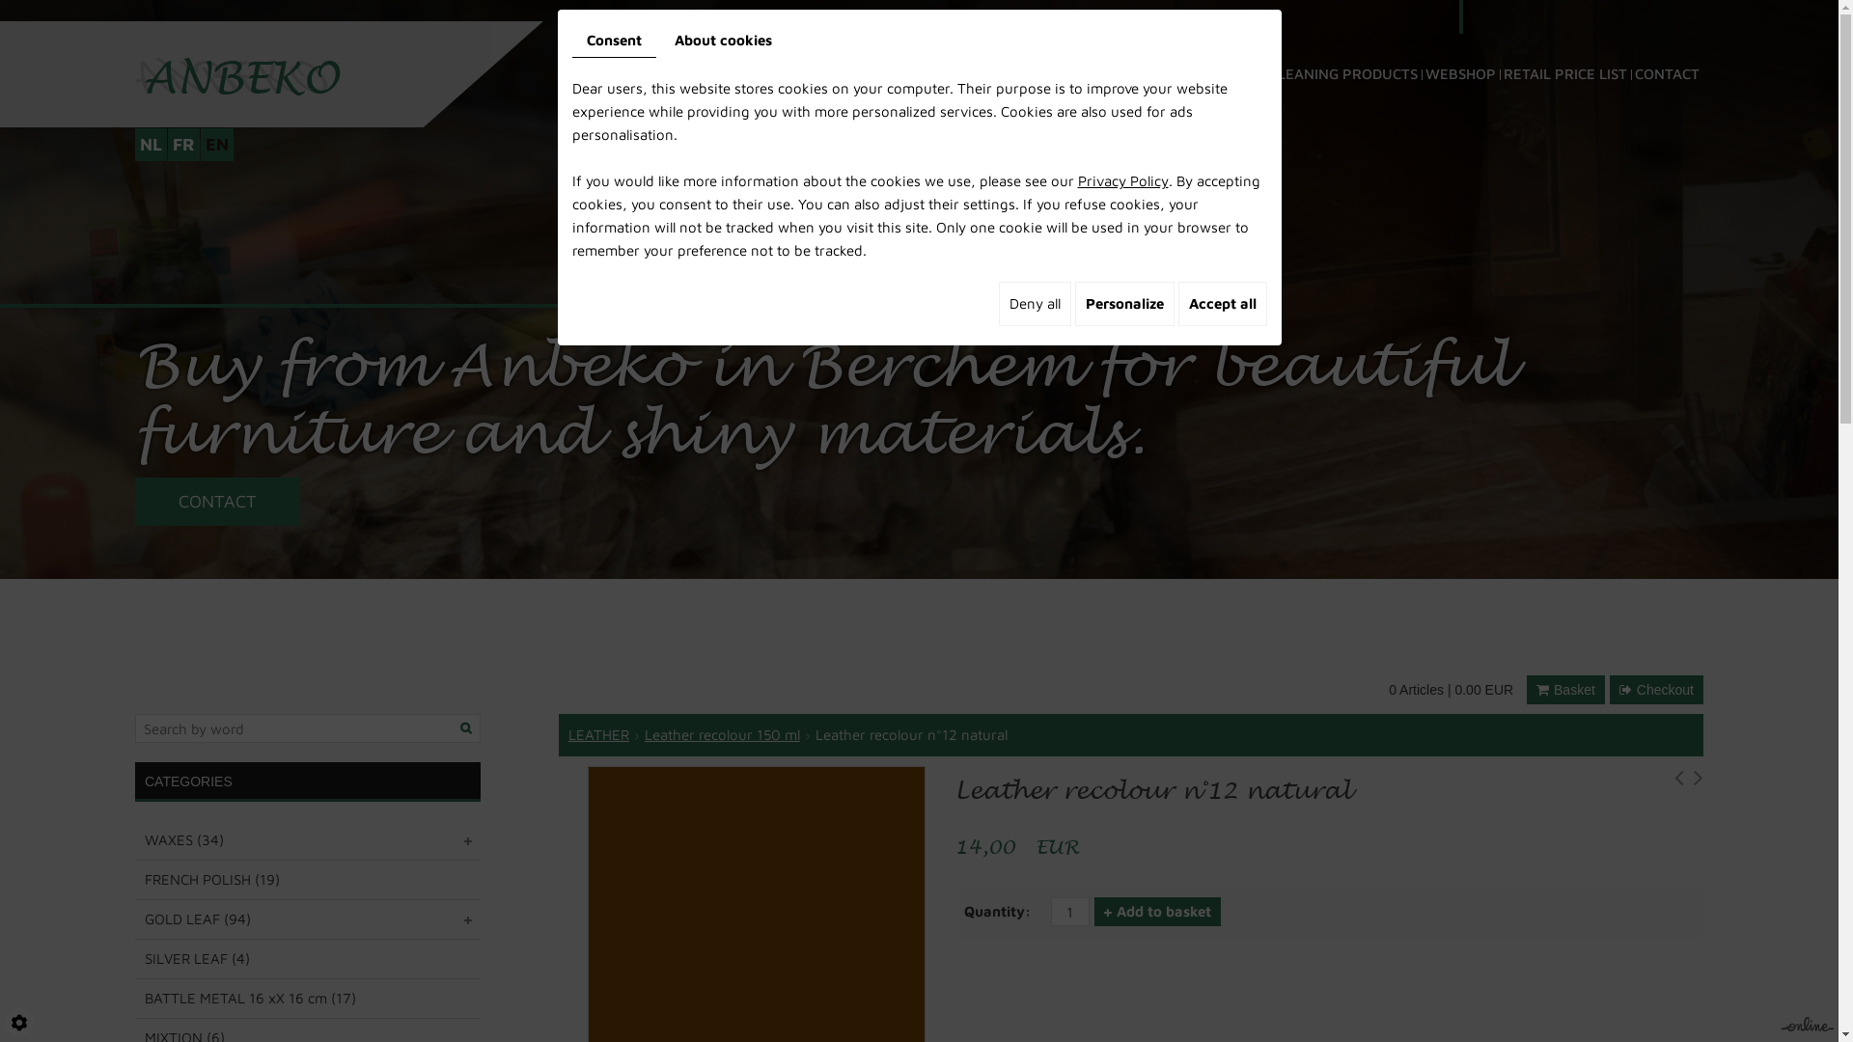 The image size is (1853, 1042). I want to click on 'Accept all', so click(1175, 304).